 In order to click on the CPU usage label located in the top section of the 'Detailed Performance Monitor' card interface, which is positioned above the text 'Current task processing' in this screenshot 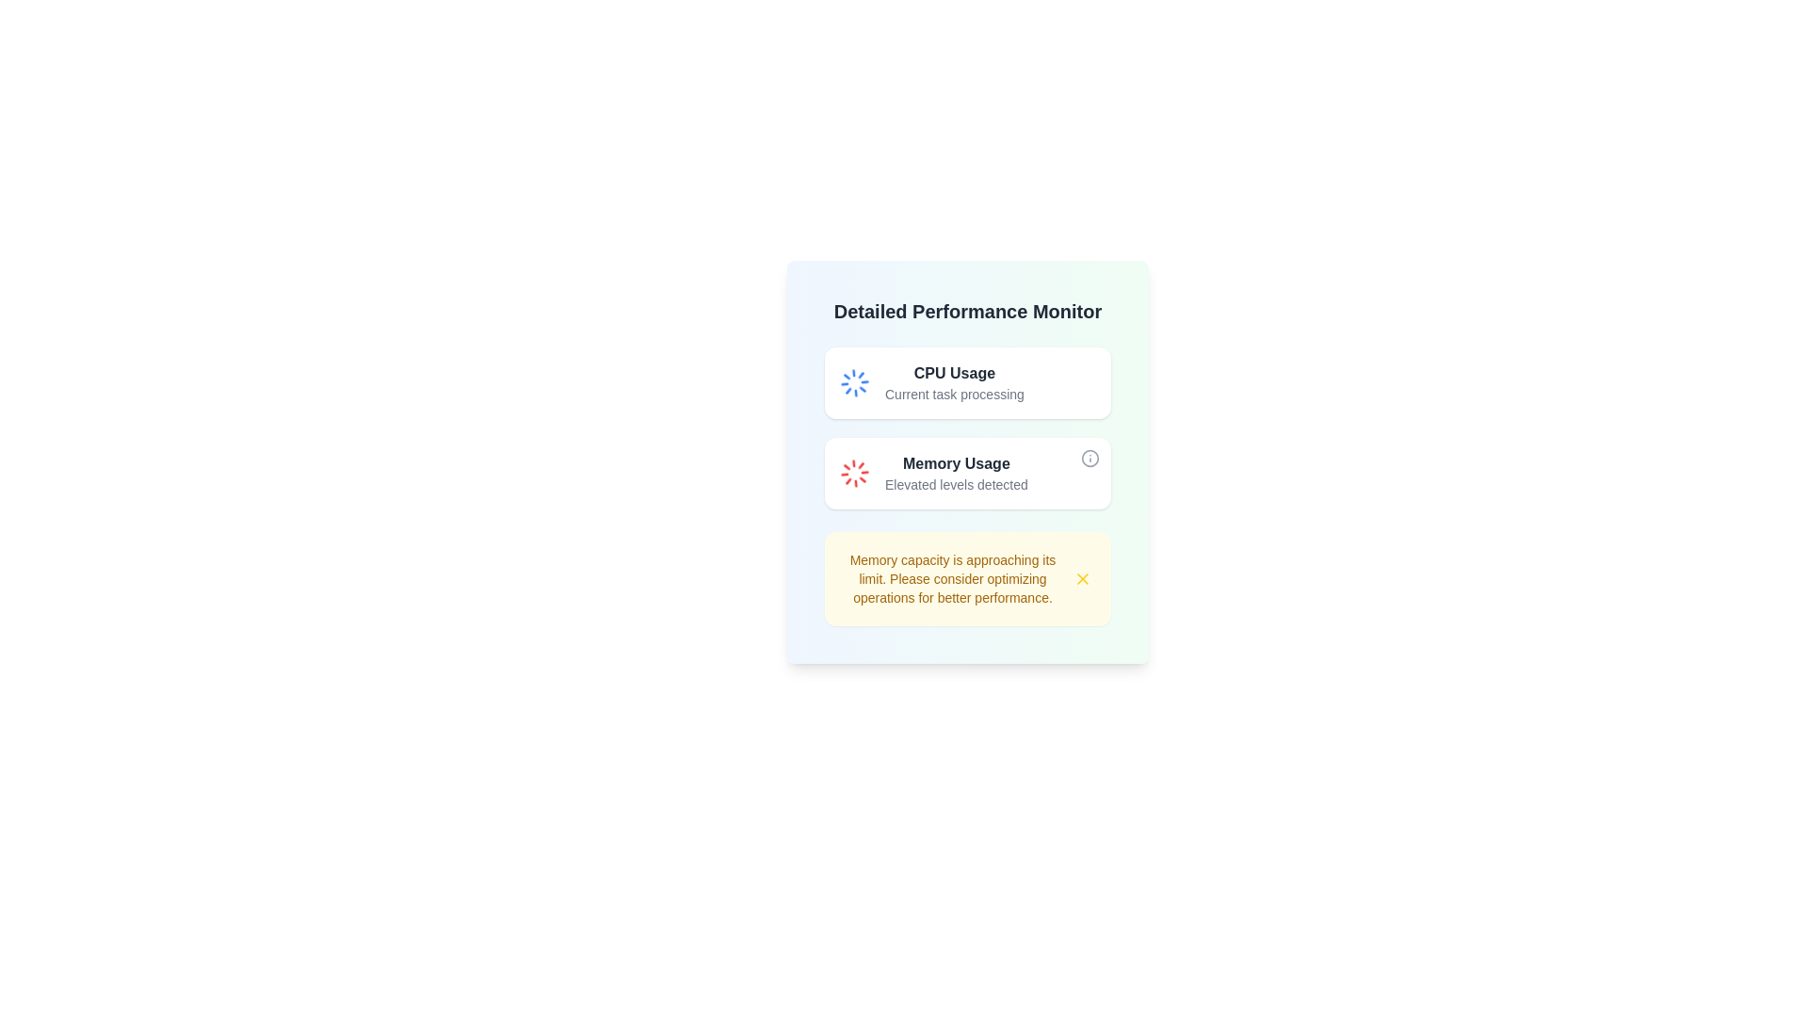, I will do `click(954, 374)`.